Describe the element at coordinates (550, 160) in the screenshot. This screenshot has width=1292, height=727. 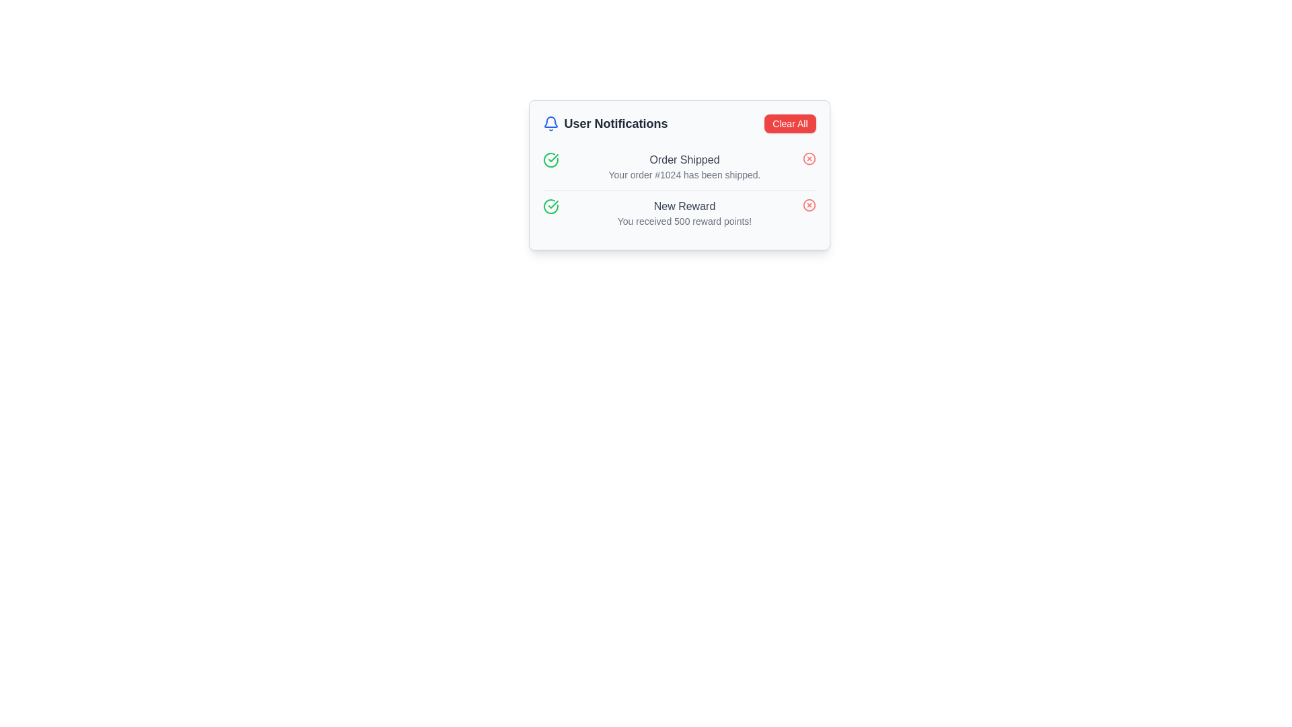
I see `the circular green icon that signifies success for the 'New Reward' notification by moving the cursor to its center point` at that location.